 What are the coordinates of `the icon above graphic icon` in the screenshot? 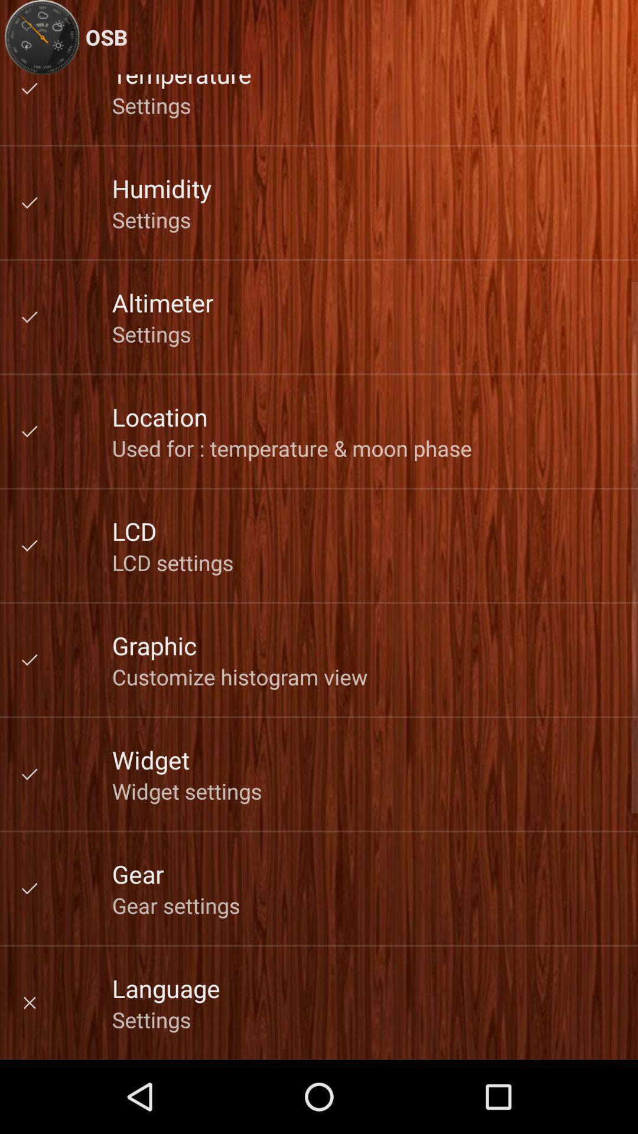 It's located at (172, 562).